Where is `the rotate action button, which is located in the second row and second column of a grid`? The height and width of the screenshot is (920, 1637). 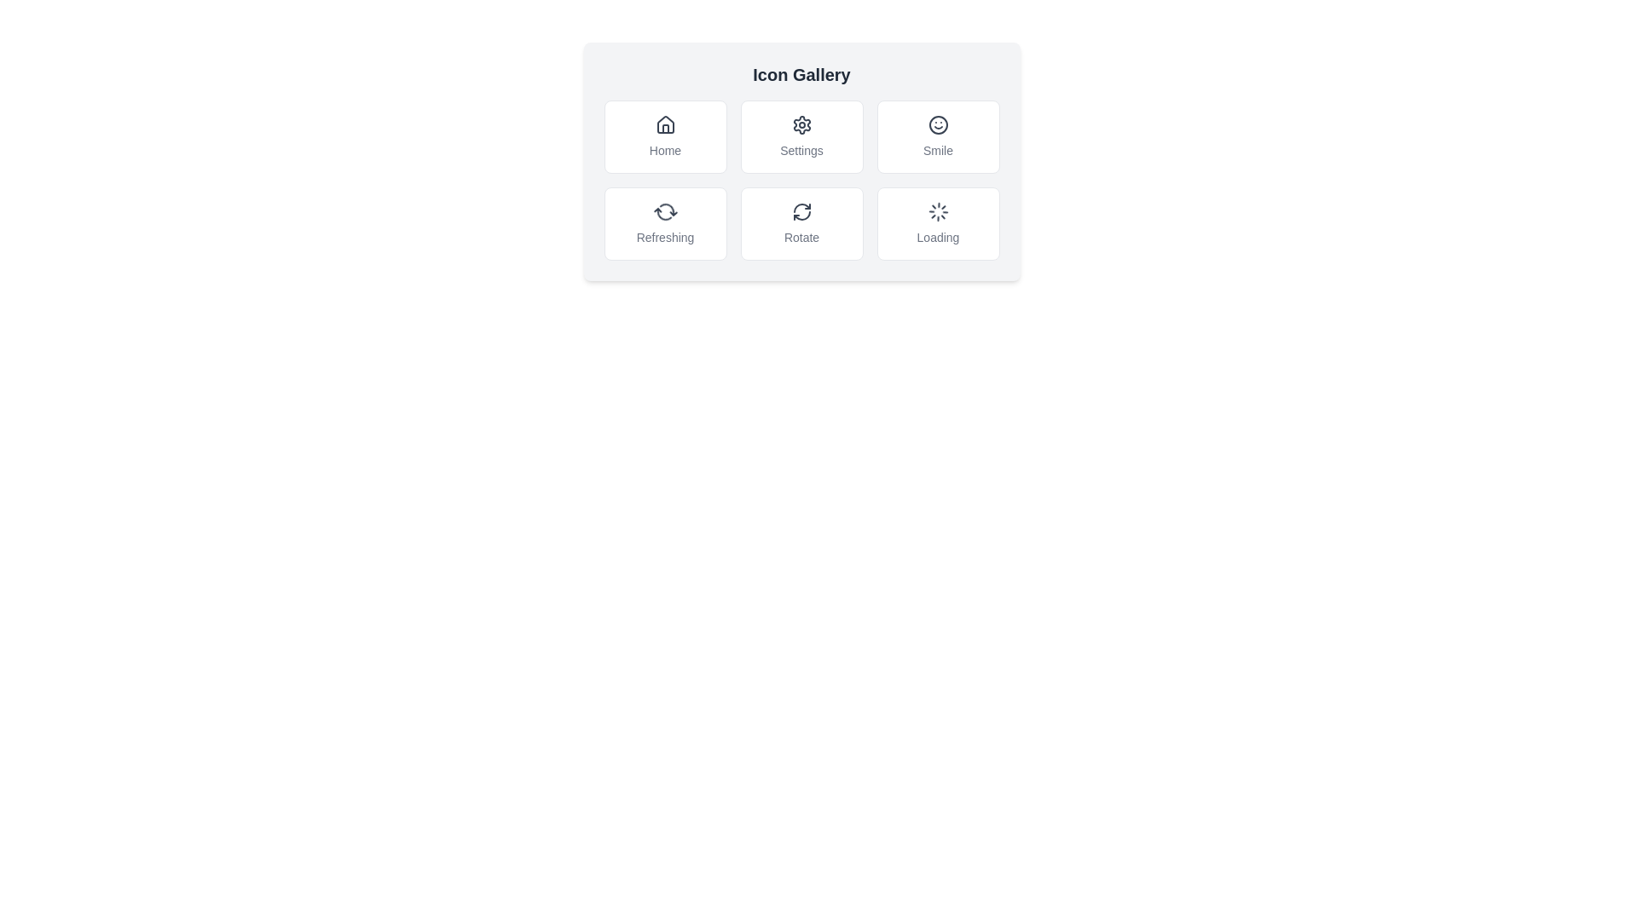 the rotate action button, which is located in the second row and second column of a grid is located at coordinates (801, 222).